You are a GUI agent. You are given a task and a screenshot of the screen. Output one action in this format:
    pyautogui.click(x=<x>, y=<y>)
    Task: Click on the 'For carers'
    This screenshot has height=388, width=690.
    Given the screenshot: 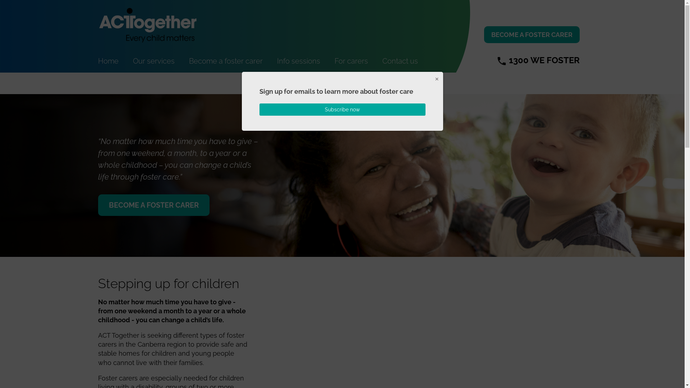 What is the action you would take?
    pyautogui.click(x=351, y=60)
    